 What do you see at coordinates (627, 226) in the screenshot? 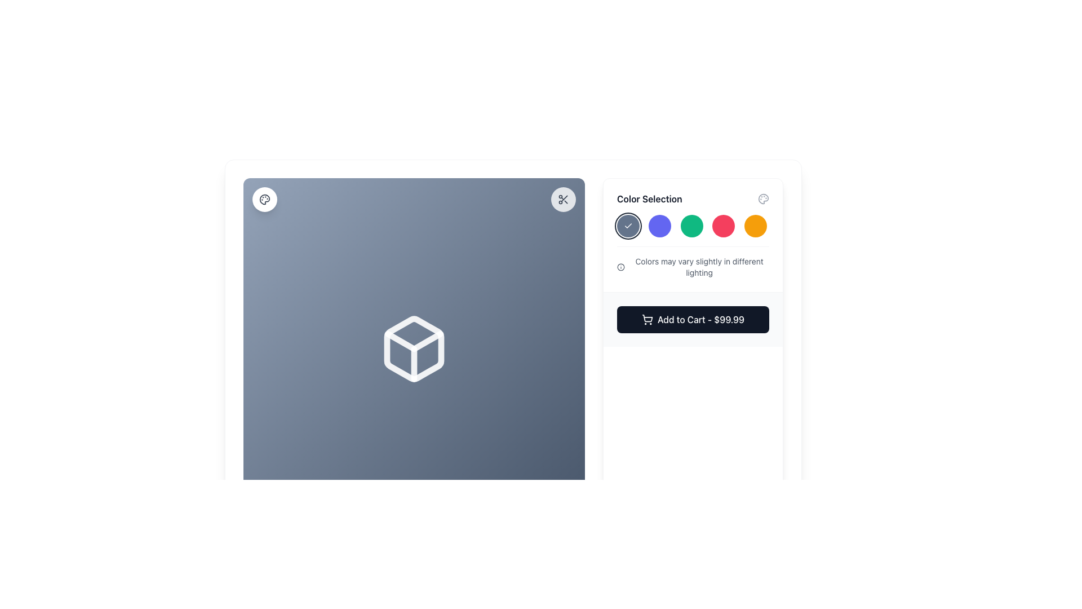
I see `the checkmark icon inside the circular button, which is highlighted with a white outline` at bounding box center [627, 226].